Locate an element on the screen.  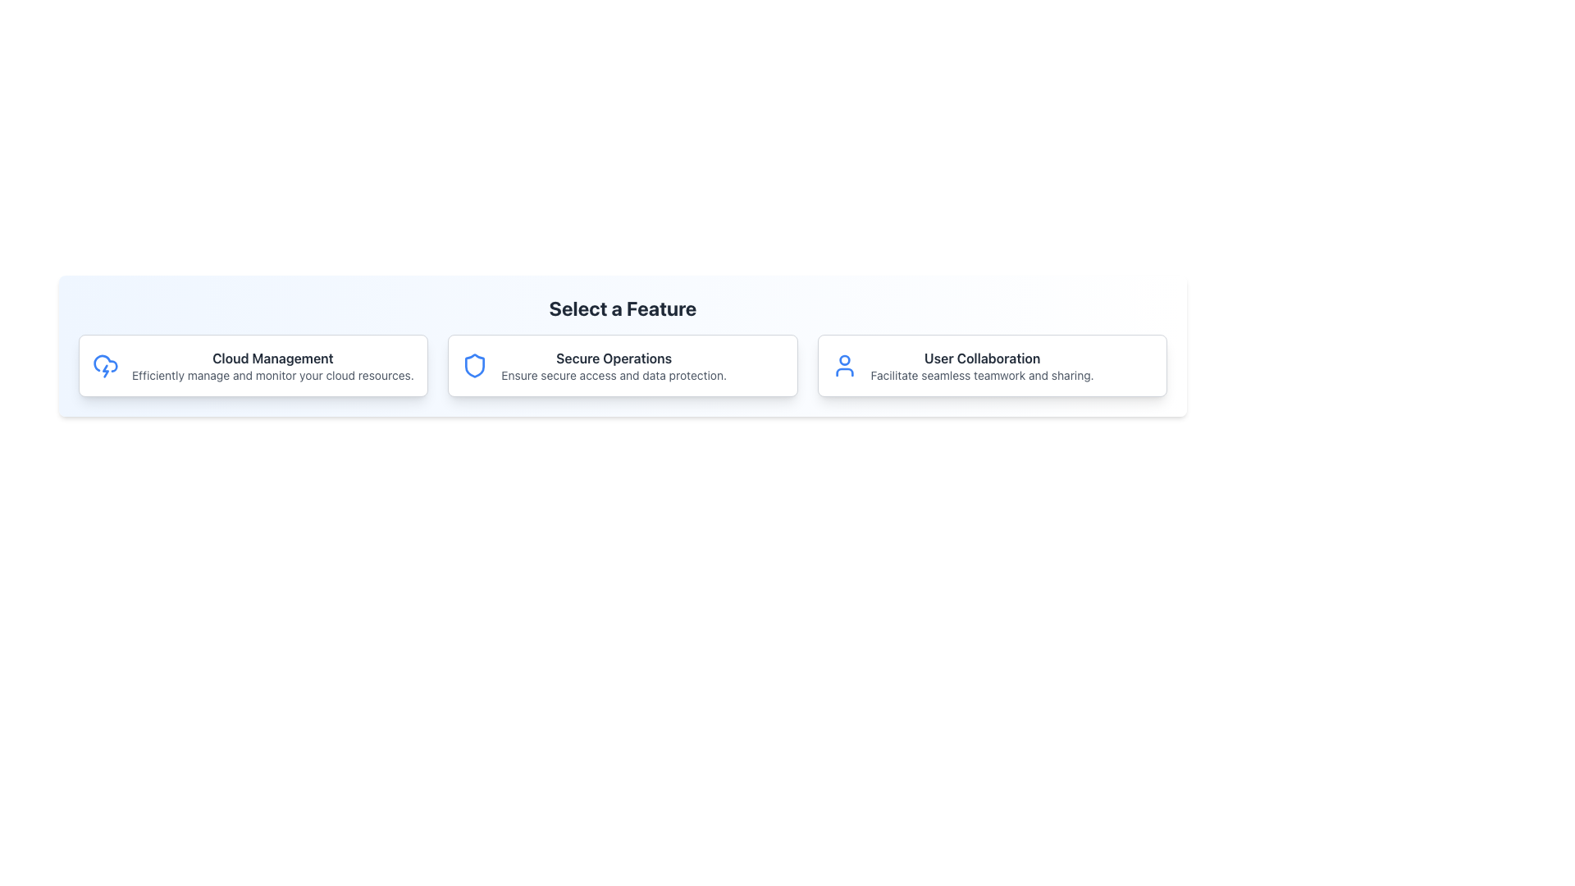
text content of the Text Block located in the 'User Collaboration' card, positioned centrally below the icon and above the bottom padding is located at coordinates (982, 364).